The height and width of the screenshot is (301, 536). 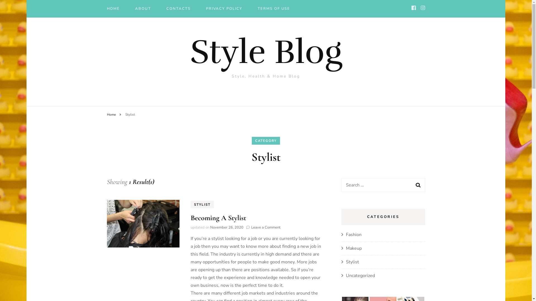 What do you see at coordinates (415, 185) in the screenshot?
I see `'Search'` at bounding box center [415, 185].